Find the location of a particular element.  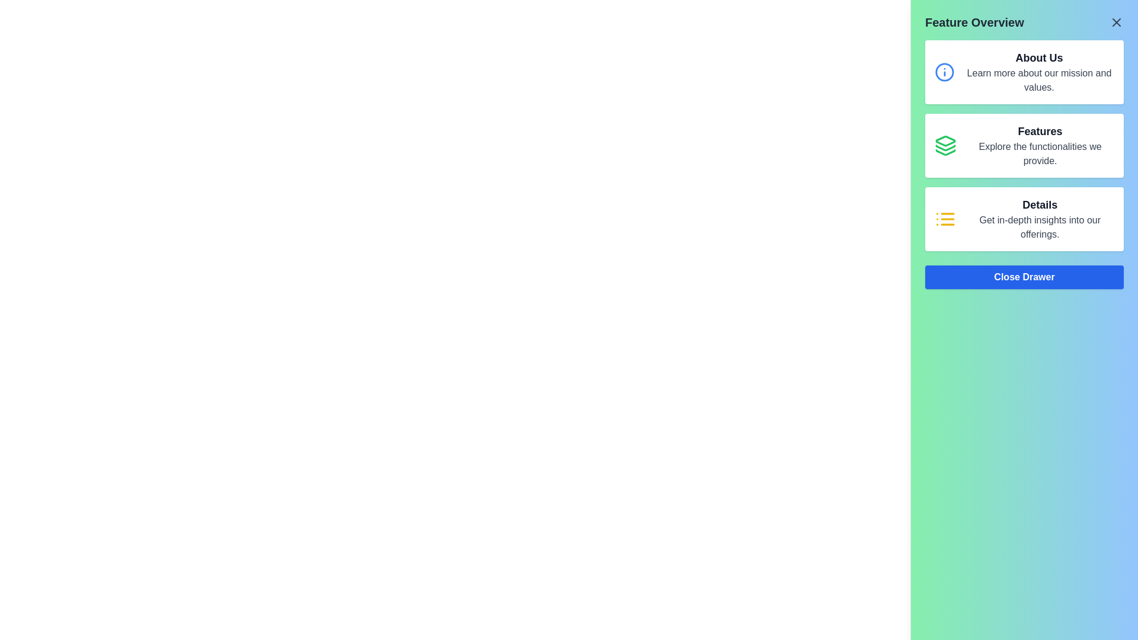

the information icon located to the left of the 'About Us' text inside the rounded white card in the 'Feature Overview' panel is located at coordinates (944, 72).